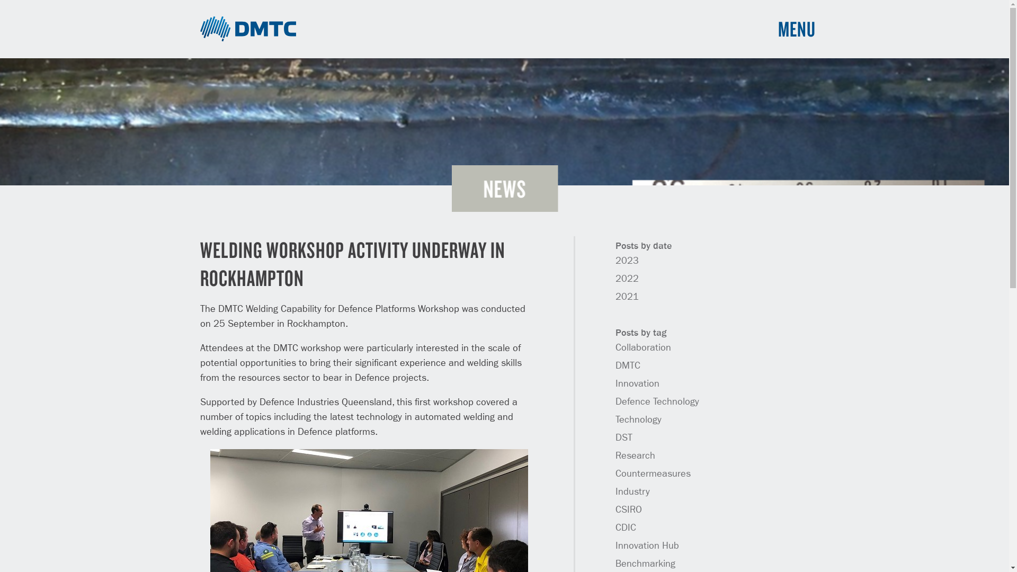 This screenshot has height=572, width=1017. What do you see at coordinates (627, 297) in the screenshot?
I see `'2021'` at bounding box center [627, 297].